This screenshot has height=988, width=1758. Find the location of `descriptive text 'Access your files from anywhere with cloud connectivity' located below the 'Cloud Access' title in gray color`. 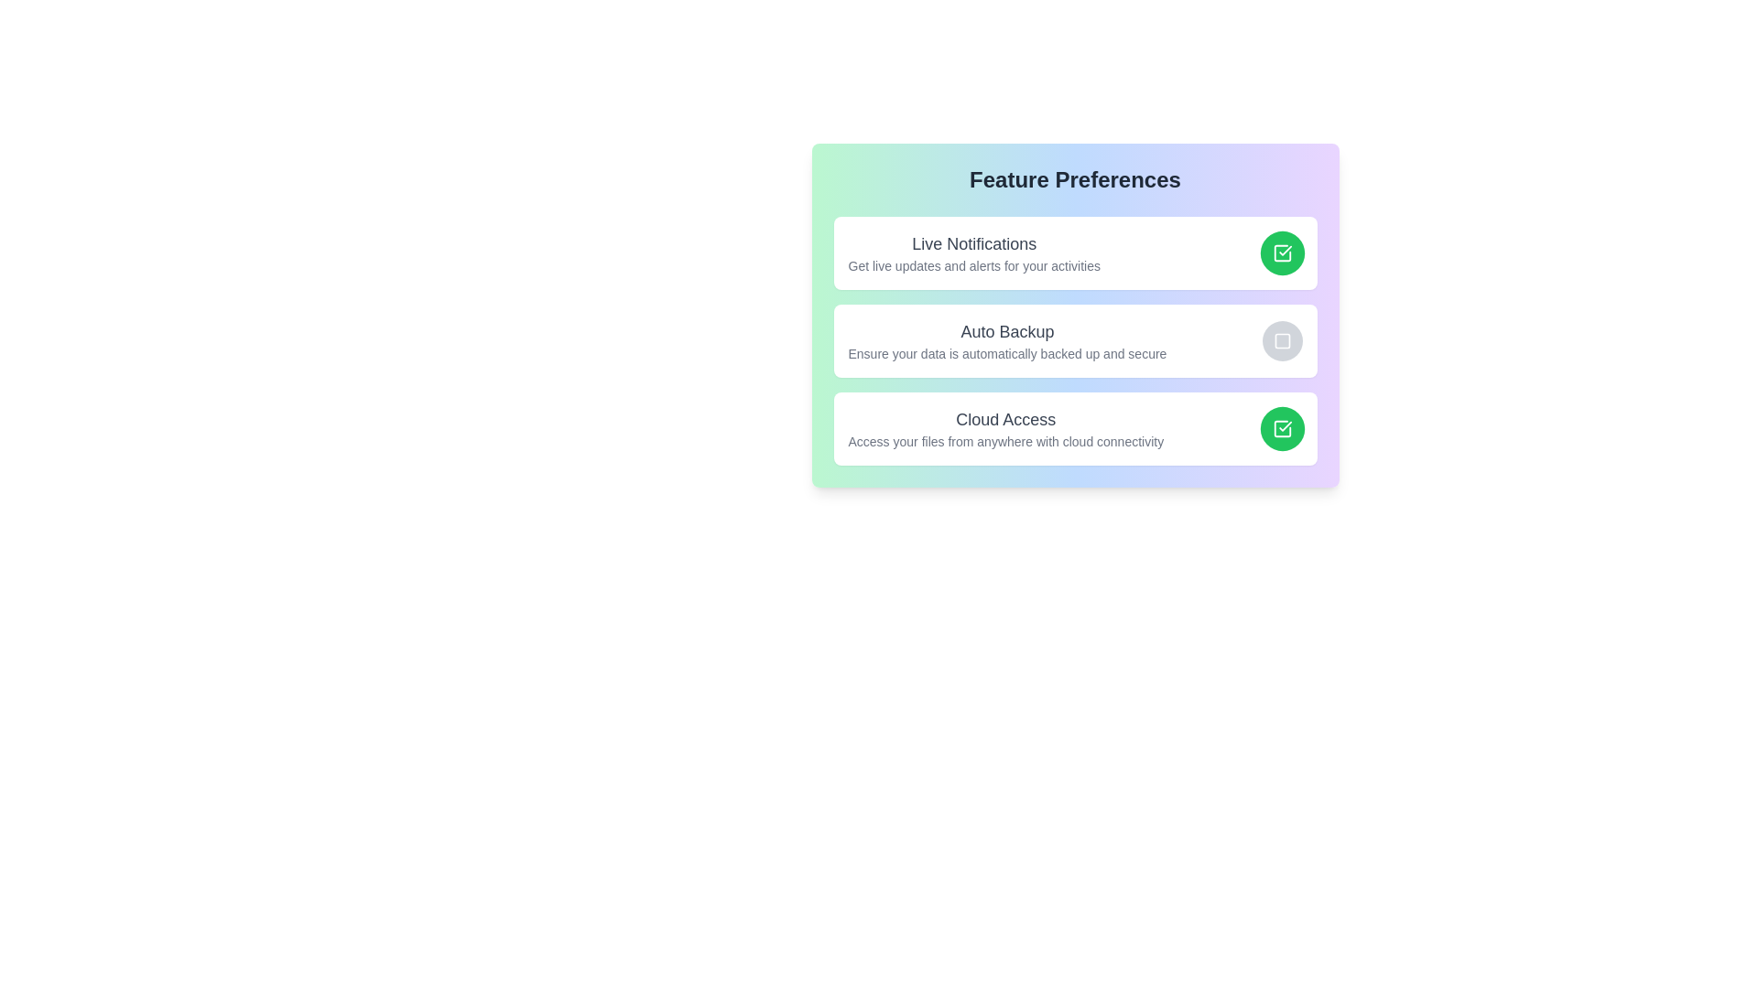

descriptive text 'Access your files from anywhere with cloud connectivity' located below the 'Cloud Access' title in gray color is located at coordinates (1004, 441).